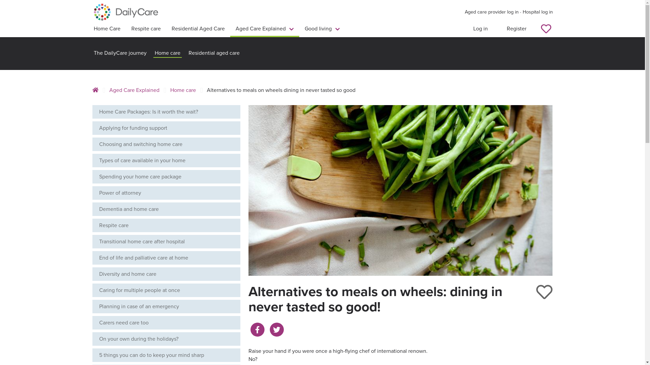 This screenshot has width=650, height=365. What do you see at coordinates (97, 90) in the screenshot?
I see `'Home'` at bounding box center [97, 90].